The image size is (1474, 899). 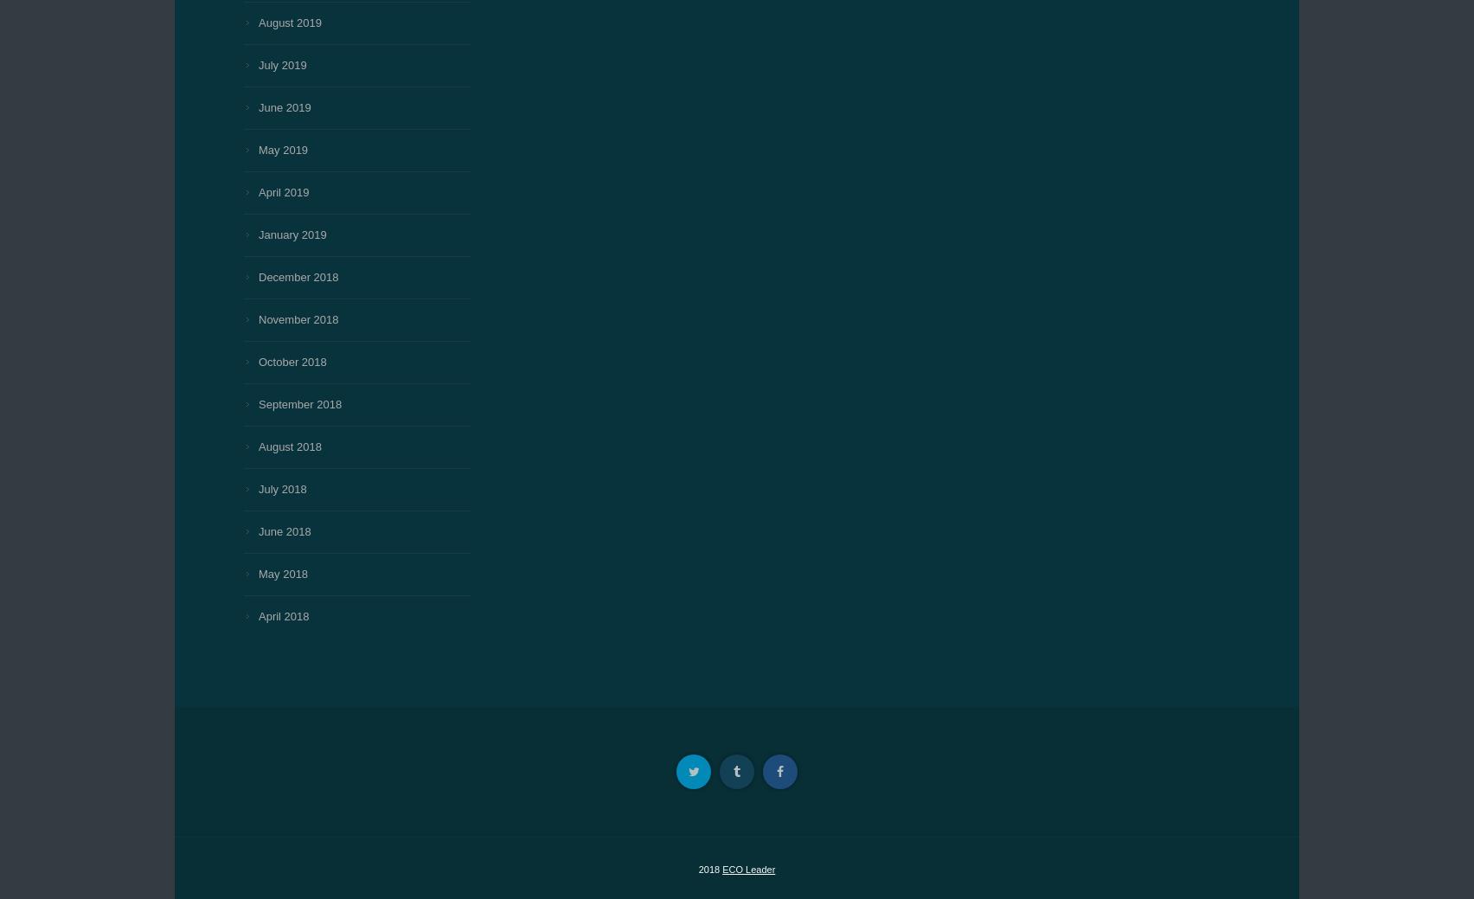 I want to click on 'April 2019', so click(x=283, y=192).